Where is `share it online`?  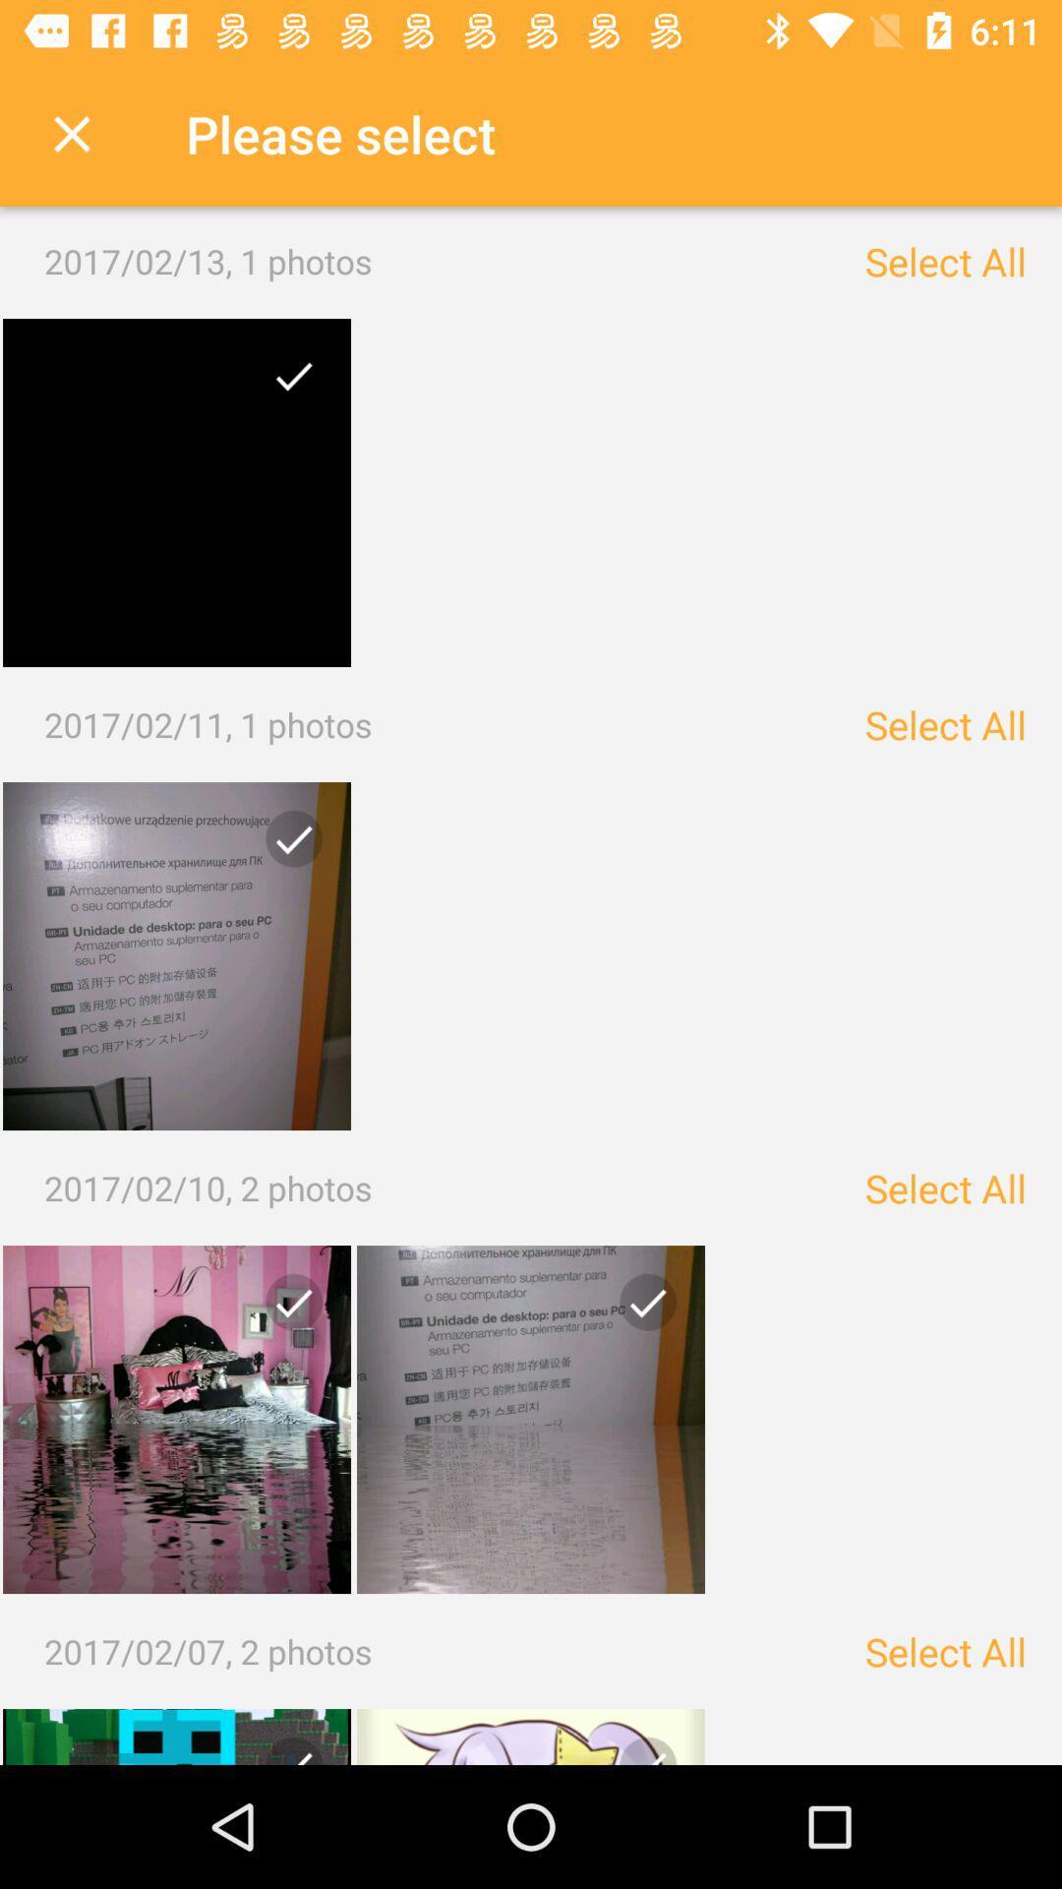 share it online is located at coordinates (640, 1310).